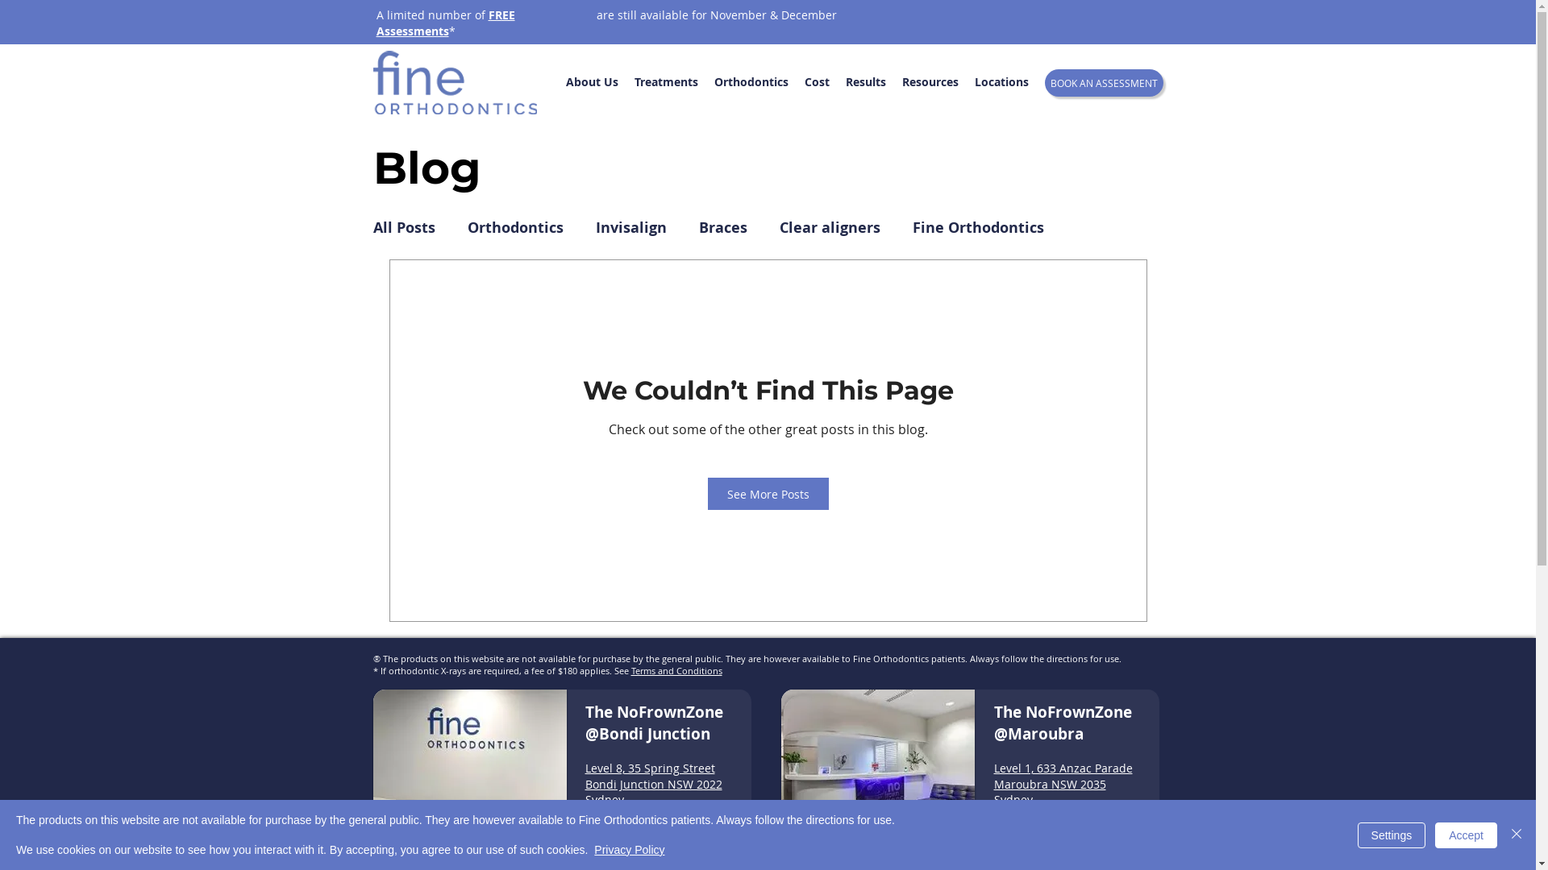 This screenshot has width=1548, height=870. Describe the element at coordinates (1103, 83) in the screenshot. I see `'BOOK AN ASSESSMENT'` at that location.